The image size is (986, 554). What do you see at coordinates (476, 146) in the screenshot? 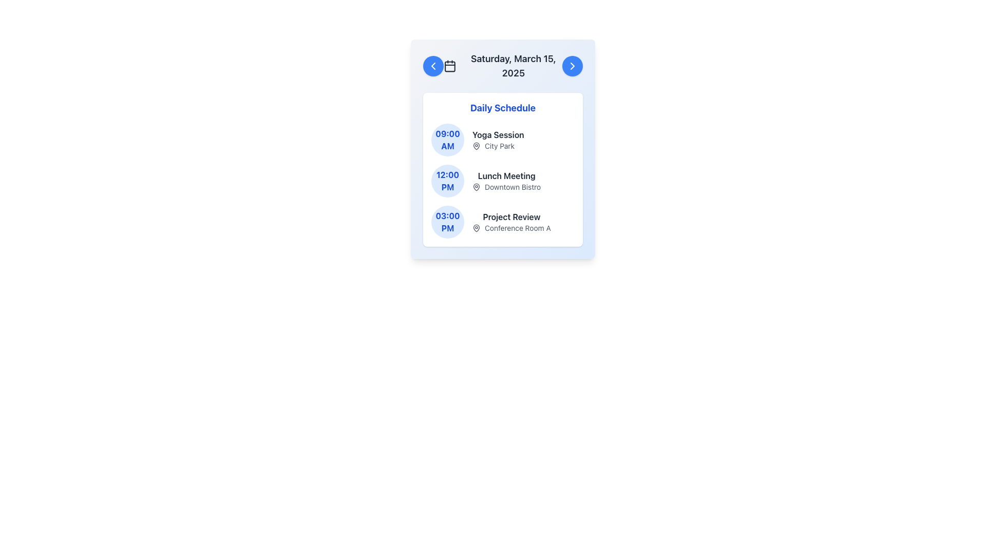
I see `the pin icon located to the right of the '09:00 AM' timestamp text in the first schedule item, adjacent to 'City Park'` at bounding box center [476, 146].